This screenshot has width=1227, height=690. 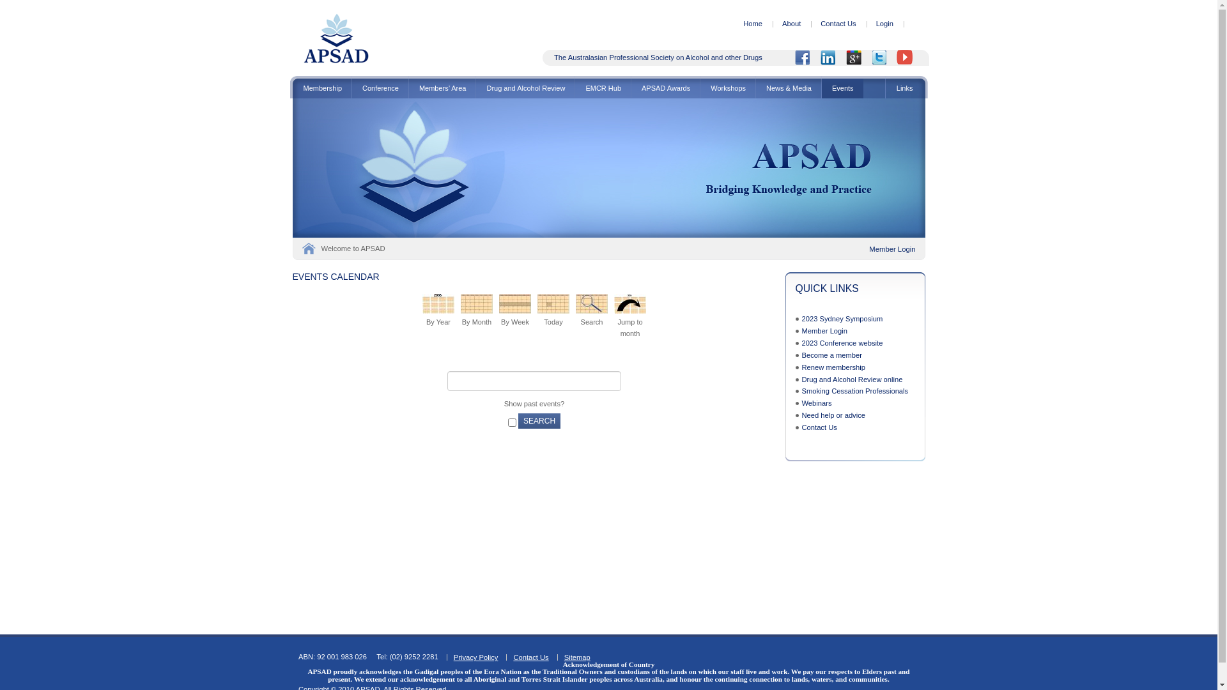 What do you see at coordinates (576, 657) in the screenshot?
I see `'Sitemap'` at bounding box center [576, 657].